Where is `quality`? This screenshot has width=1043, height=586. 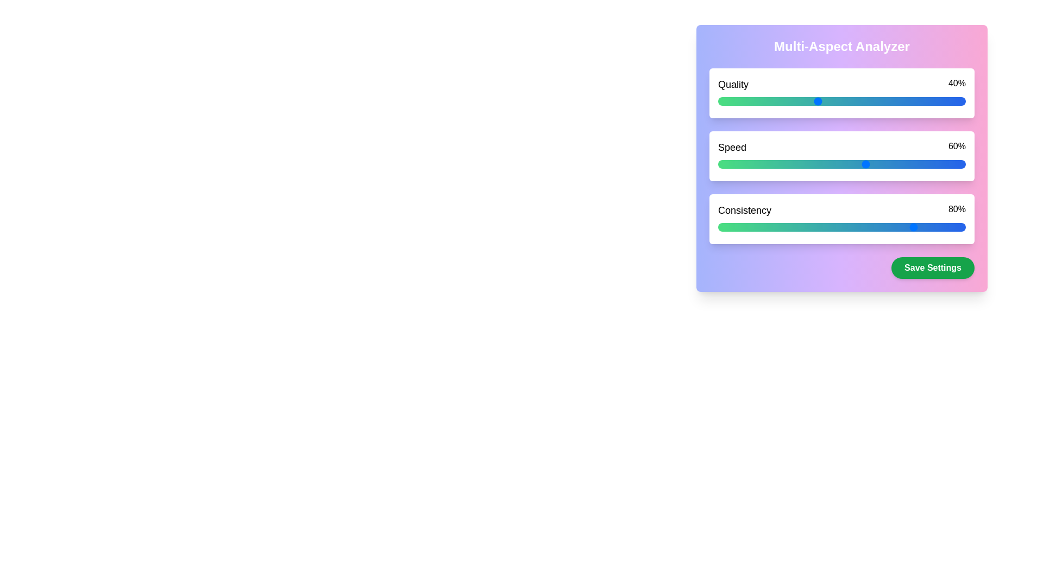
quality is located at coordinates (891, 101).